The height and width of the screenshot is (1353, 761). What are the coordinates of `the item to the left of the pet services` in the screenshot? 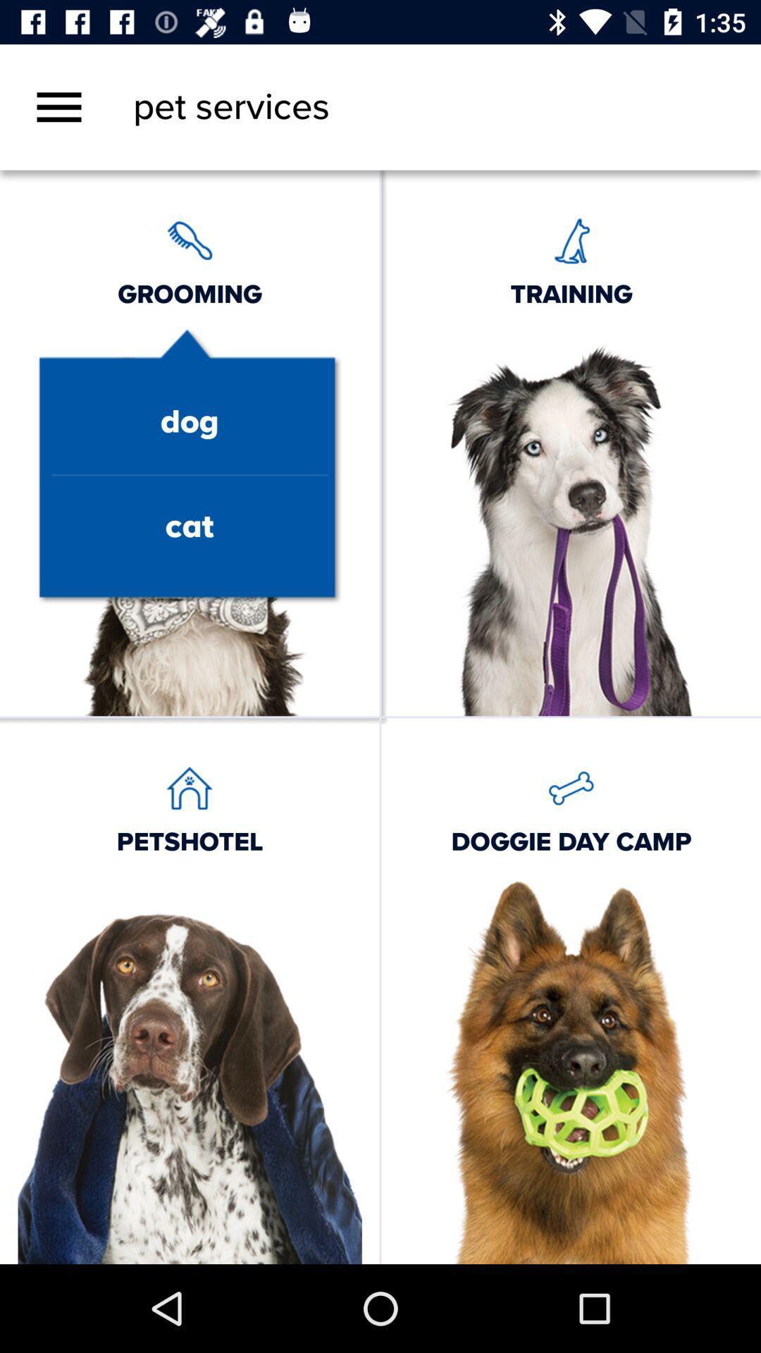 It's located at (58, 106).